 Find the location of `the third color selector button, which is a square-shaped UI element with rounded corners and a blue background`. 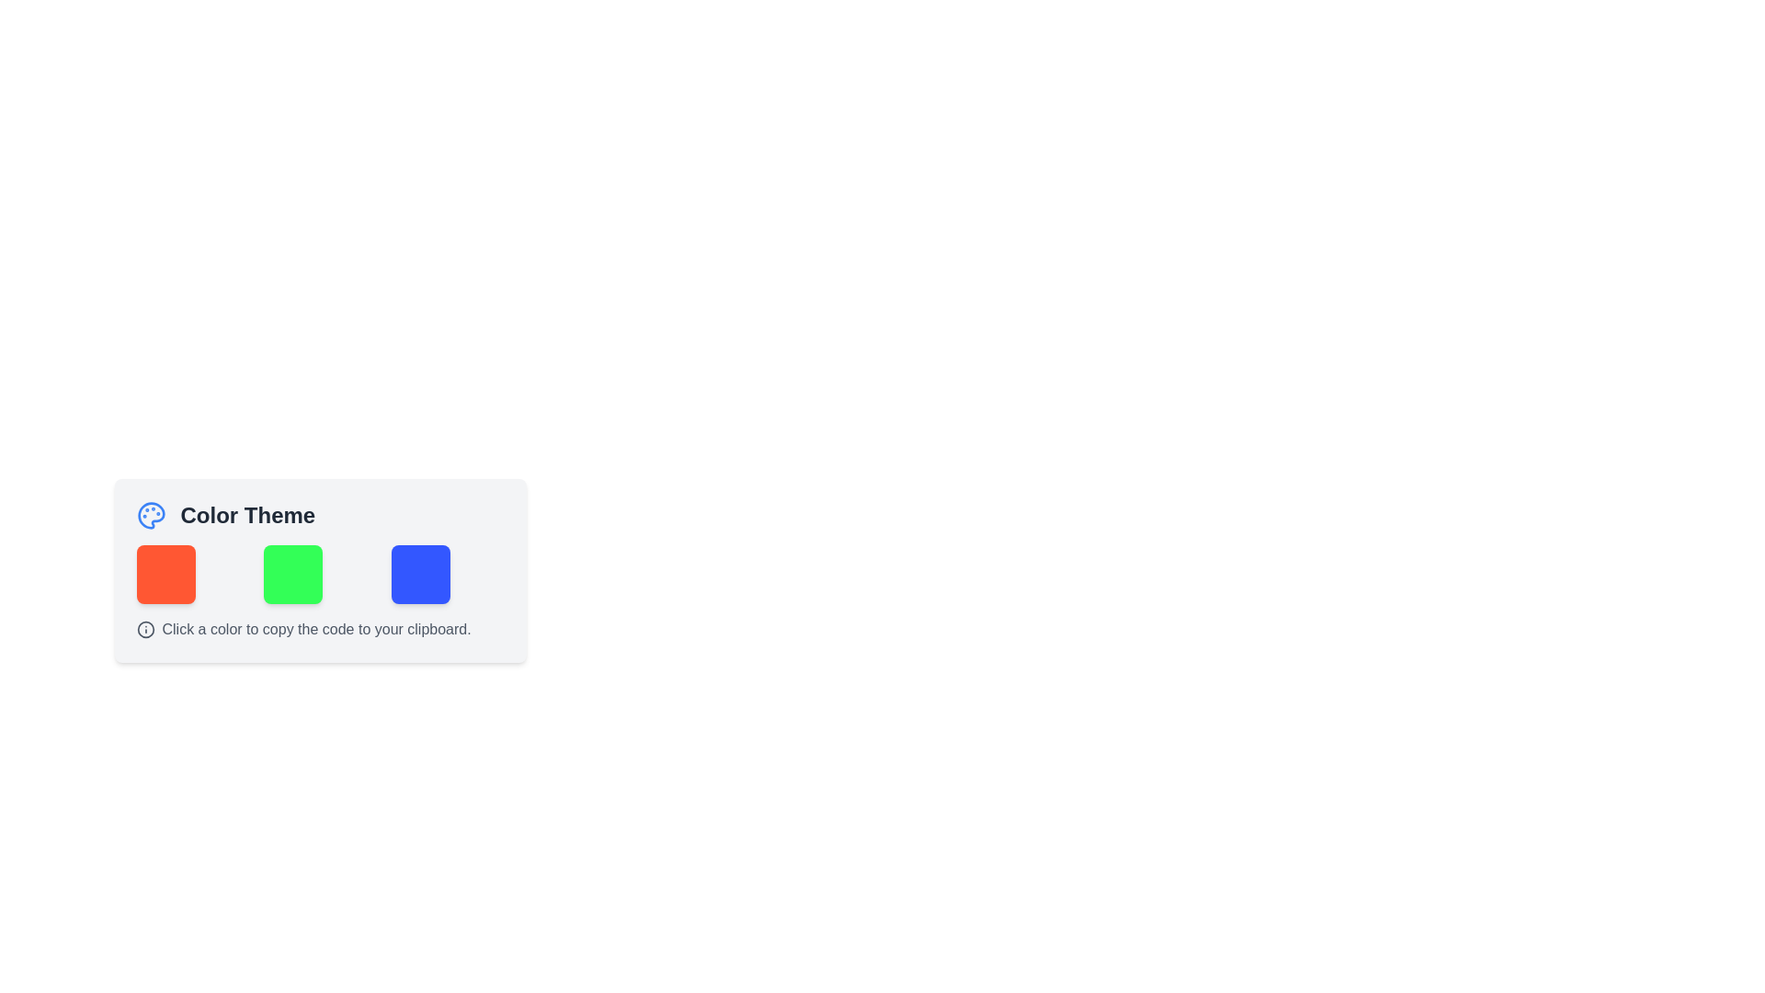

the third color selector button, which is a square-shaped UI element with rounded corners and a blue background is located at coordinates (419, 573).